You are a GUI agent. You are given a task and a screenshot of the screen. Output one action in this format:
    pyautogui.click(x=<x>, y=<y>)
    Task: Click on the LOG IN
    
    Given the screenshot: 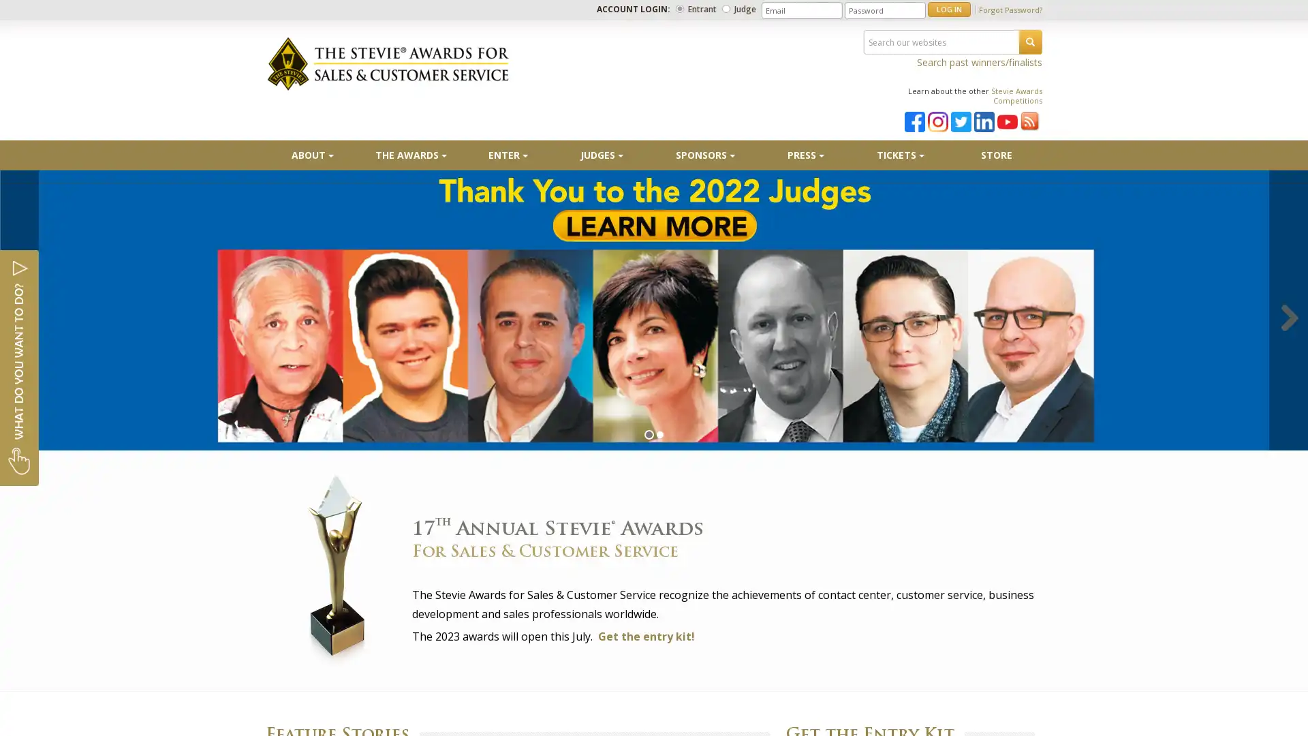 What is the action you would take?
    pyautogui.click(x=948, y=10)
    